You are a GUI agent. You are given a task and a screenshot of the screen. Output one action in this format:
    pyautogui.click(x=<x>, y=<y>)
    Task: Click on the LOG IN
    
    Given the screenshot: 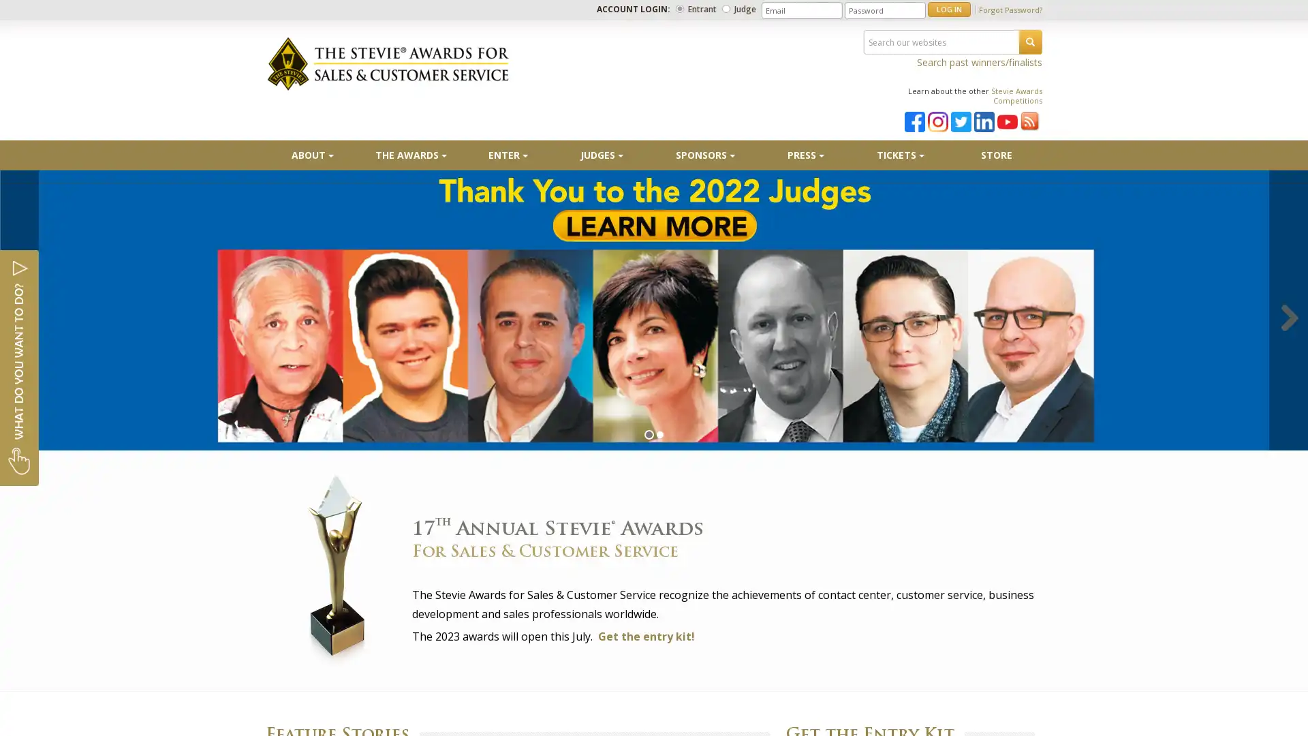 What is the action you would take?
    pyautogui.click(x=948, y=10)
    